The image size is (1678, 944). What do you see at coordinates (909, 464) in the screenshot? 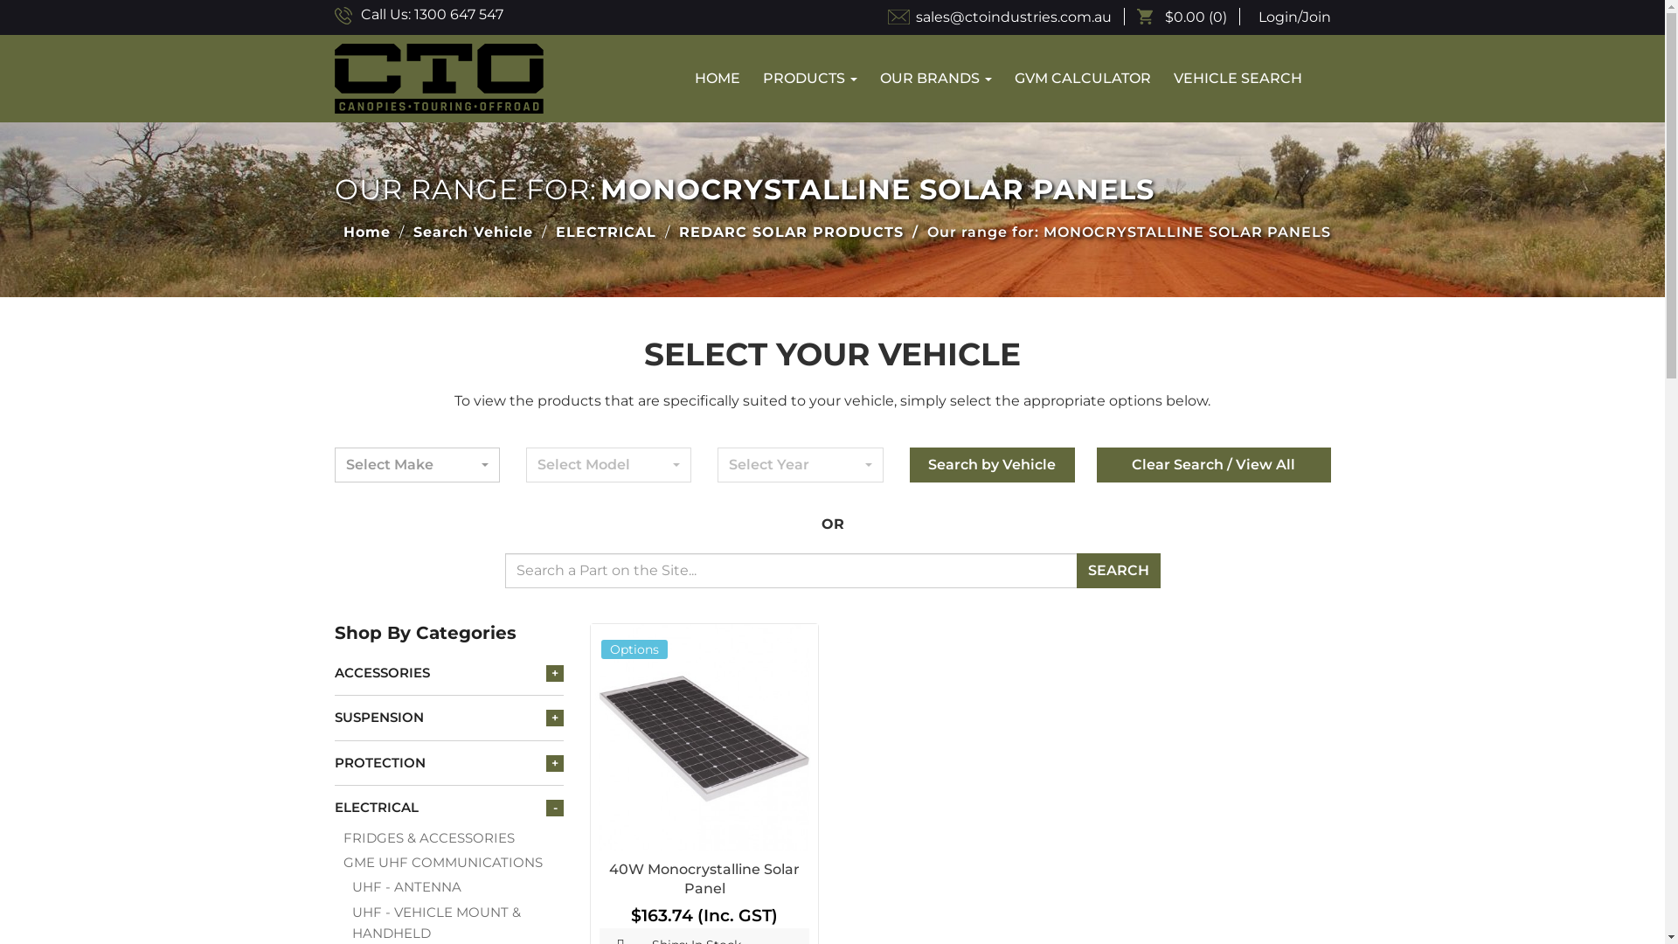
I see `'Search by Vehicle'` at bounding box center [909, 464].